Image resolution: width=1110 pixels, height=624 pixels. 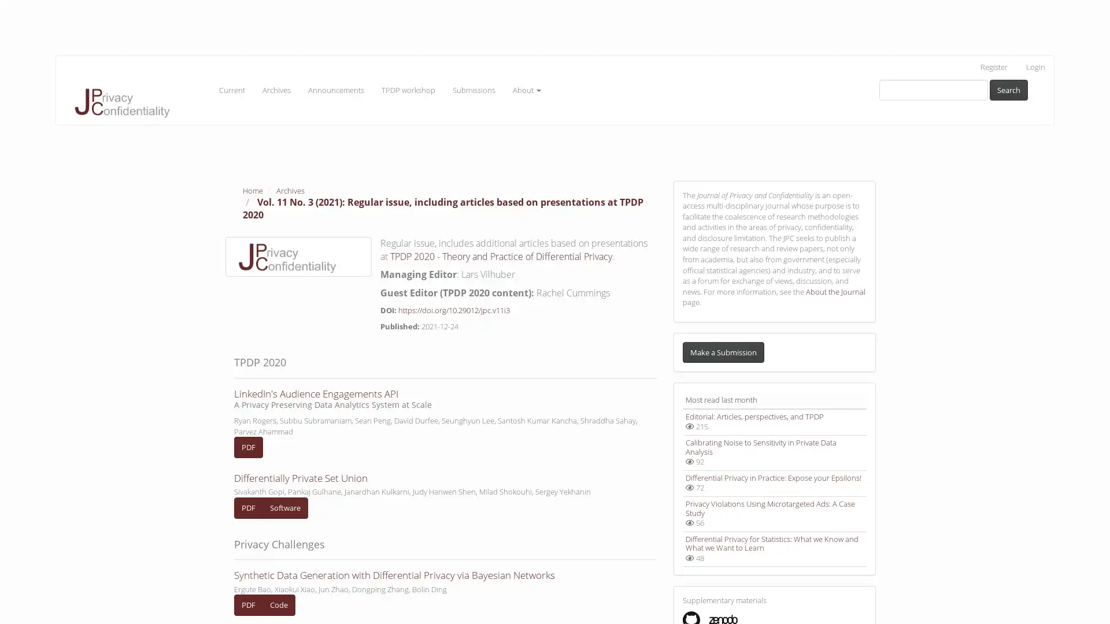 What do you see at coordinates (1008, 89) in the screenshot?
I see `Search` at bounding box center [1008, 89].